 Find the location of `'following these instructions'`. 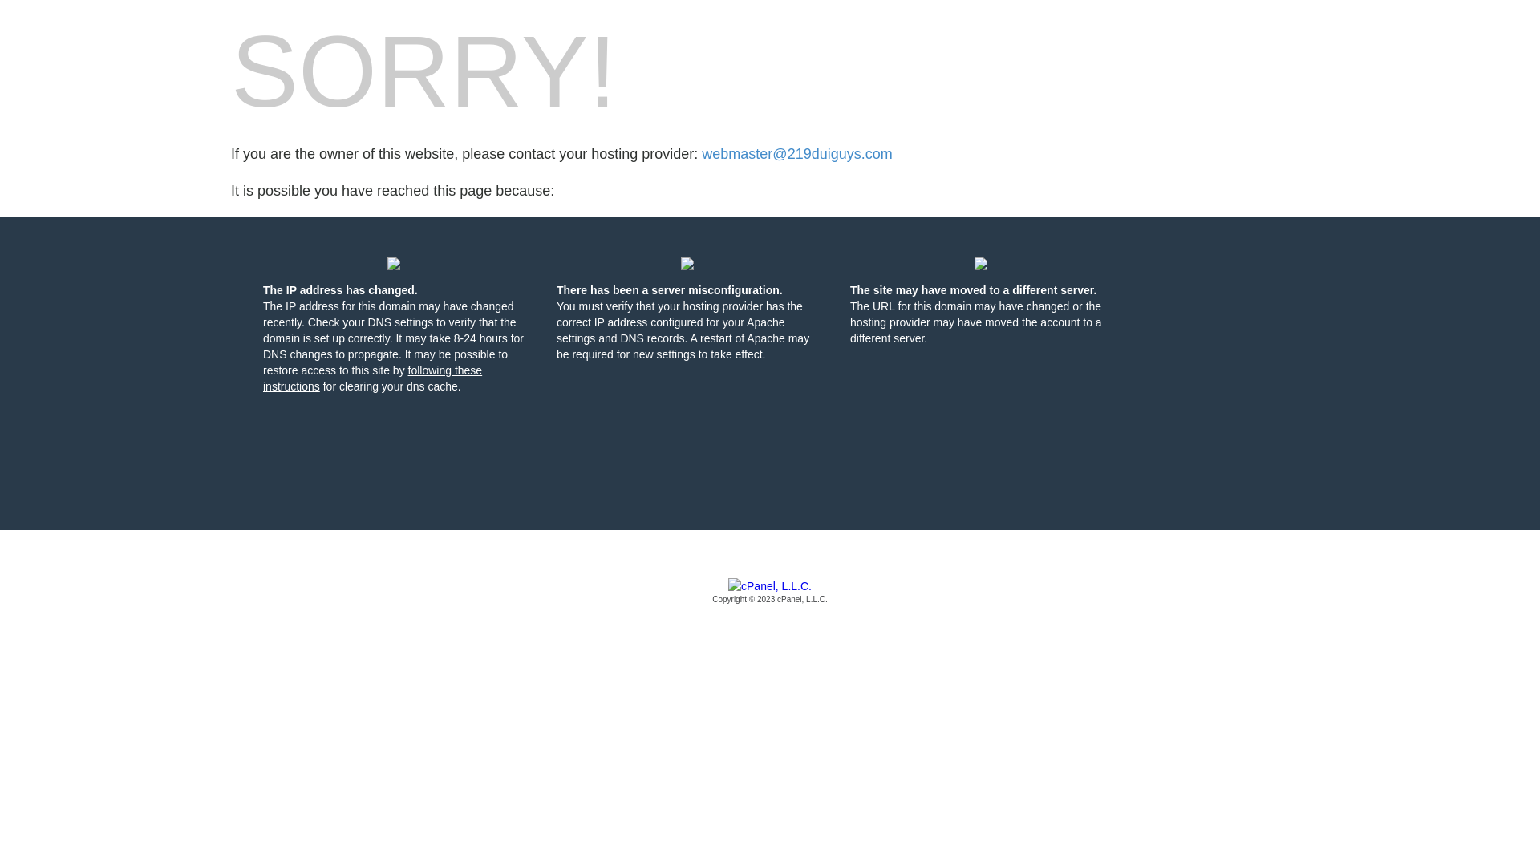

'following these instructions' is located at coordinates (371, 378).